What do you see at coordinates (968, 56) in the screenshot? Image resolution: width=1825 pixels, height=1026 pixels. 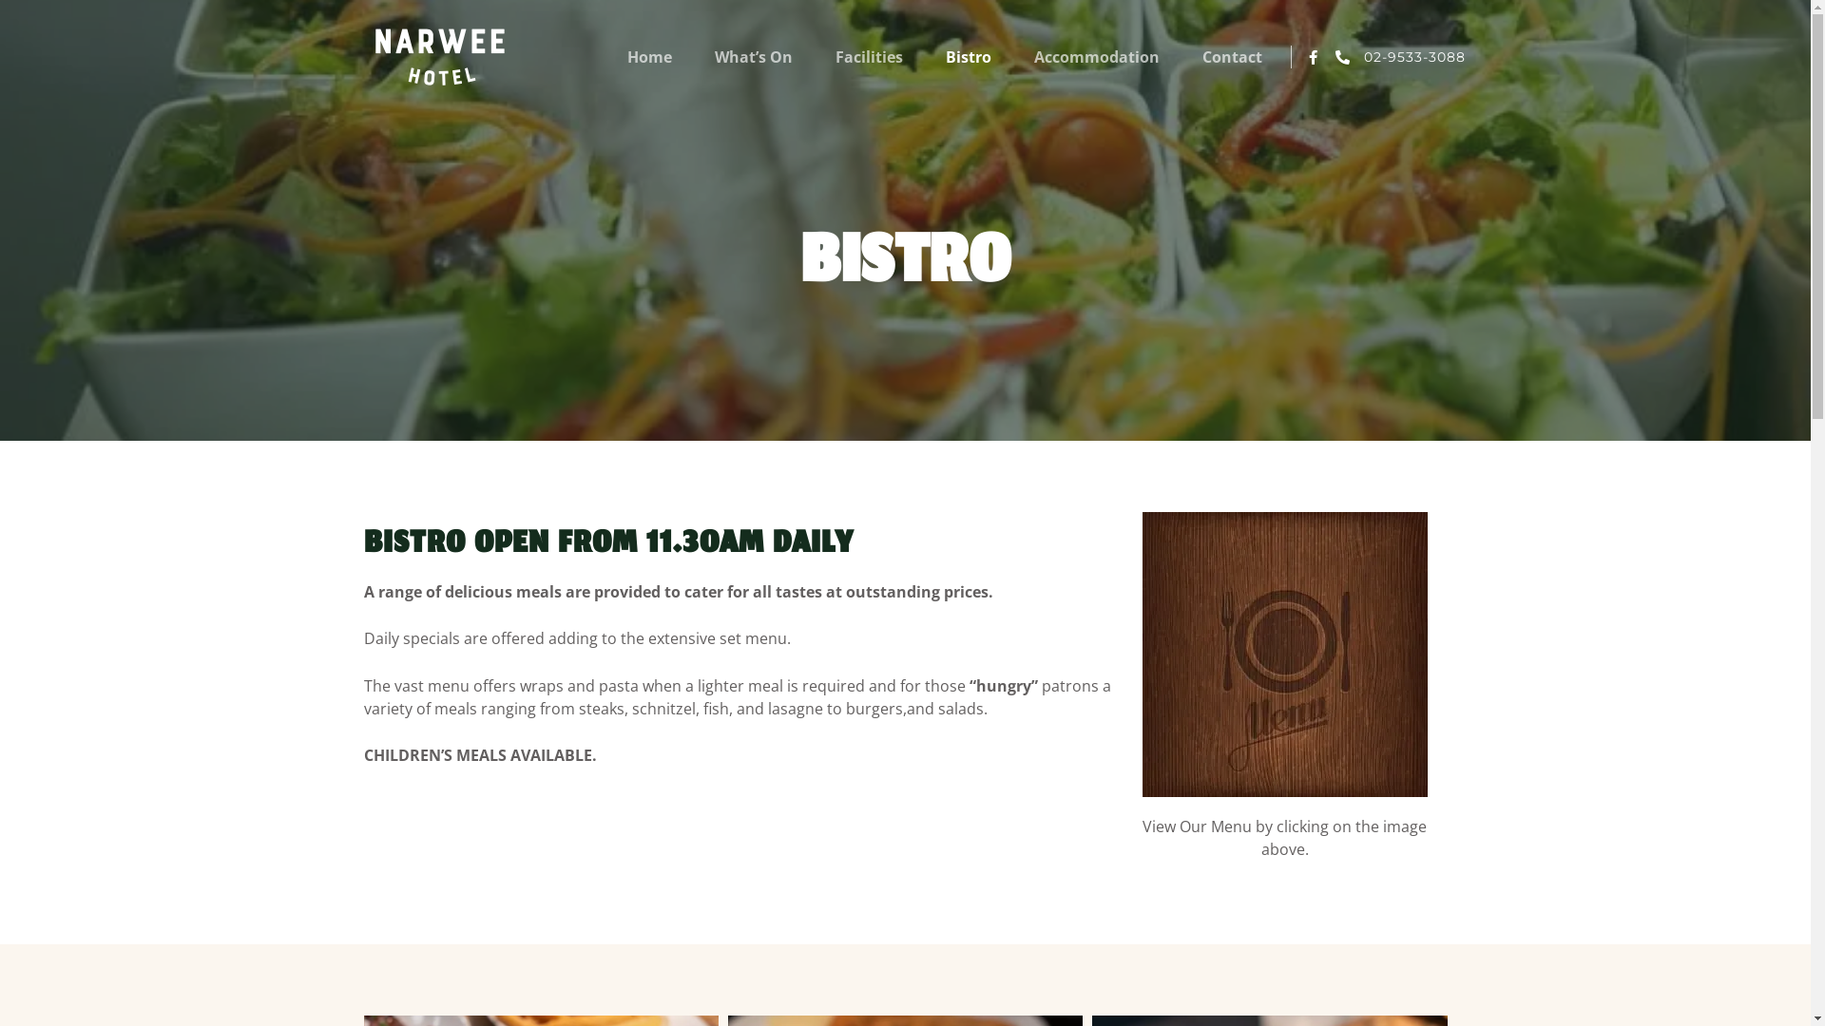 I see `'Bistro'` at bounding box center [968, 56].